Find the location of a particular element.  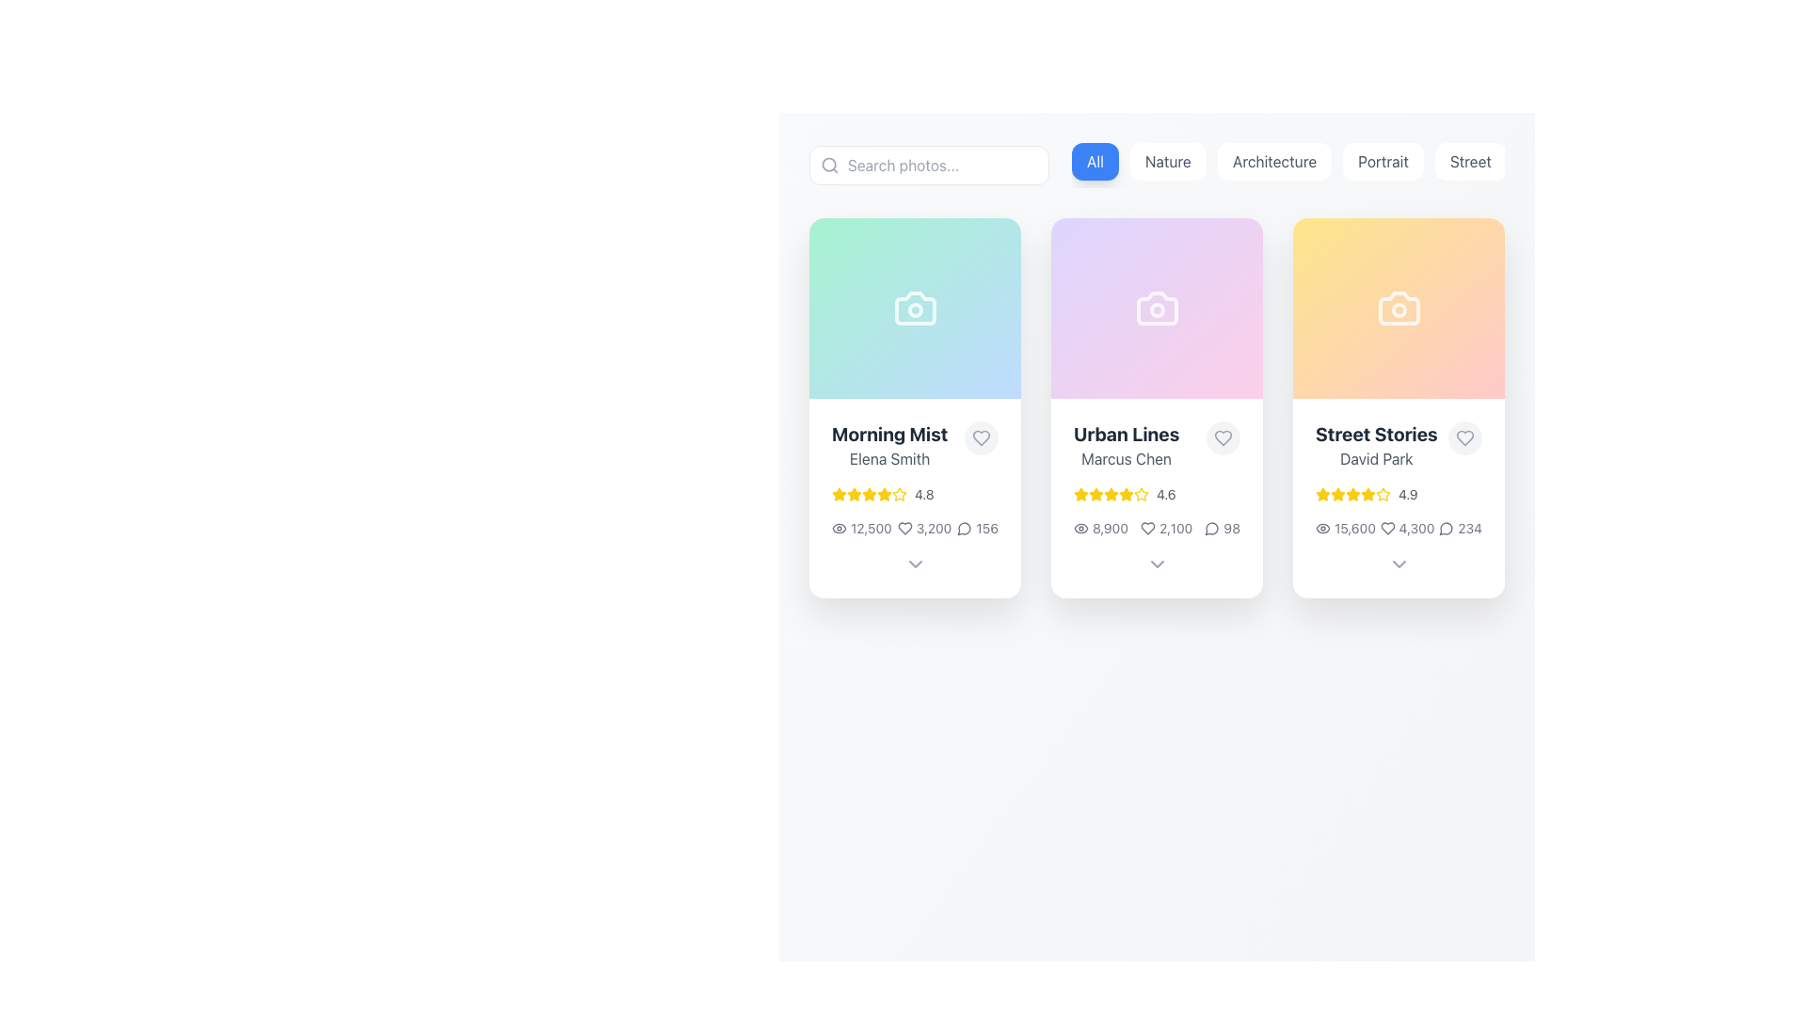

the content of the Text Label displaying the rating score for the 'Urban Lines' card, which is positioned after the star rating graphic in the middle card of a three-card layout is located at coordinates (1165, 493).